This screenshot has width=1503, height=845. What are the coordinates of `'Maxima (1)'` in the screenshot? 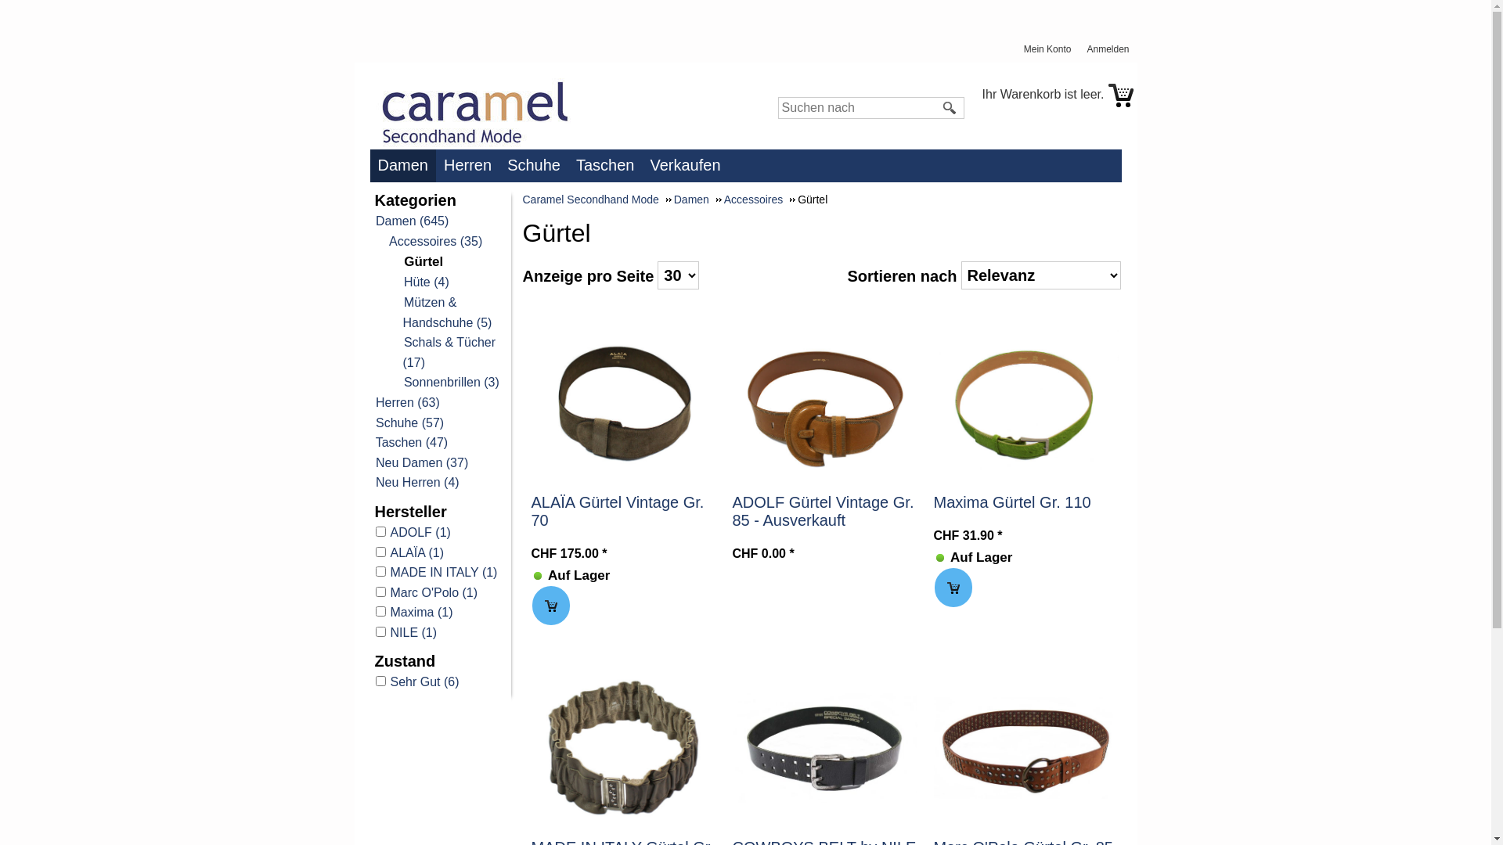 It's located at (438, 612).